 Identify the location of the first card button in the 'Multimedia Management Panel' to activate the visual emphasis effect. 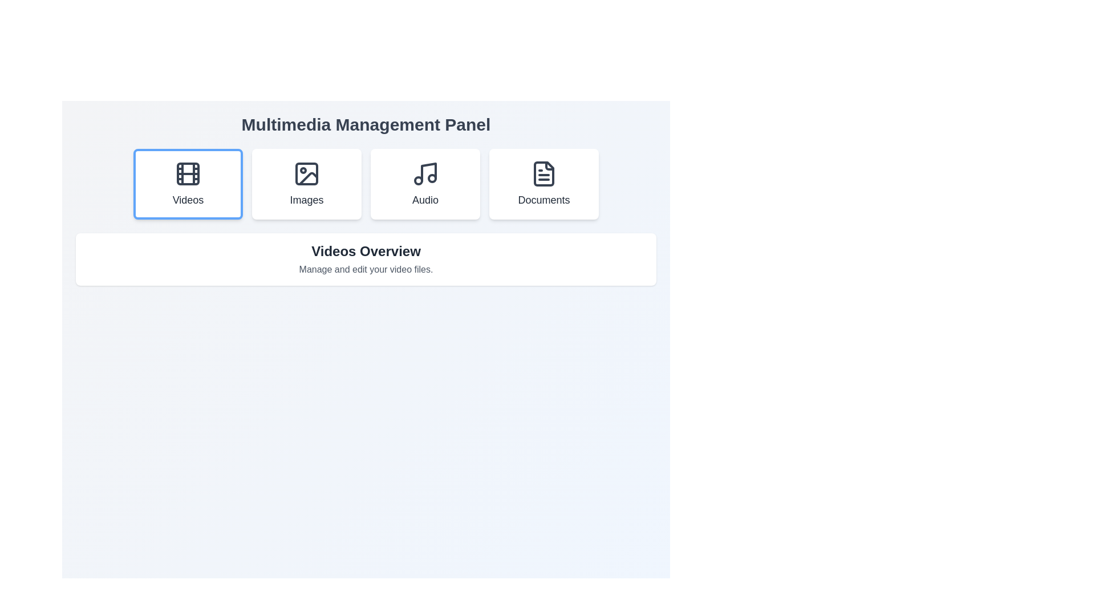
(188, 184).